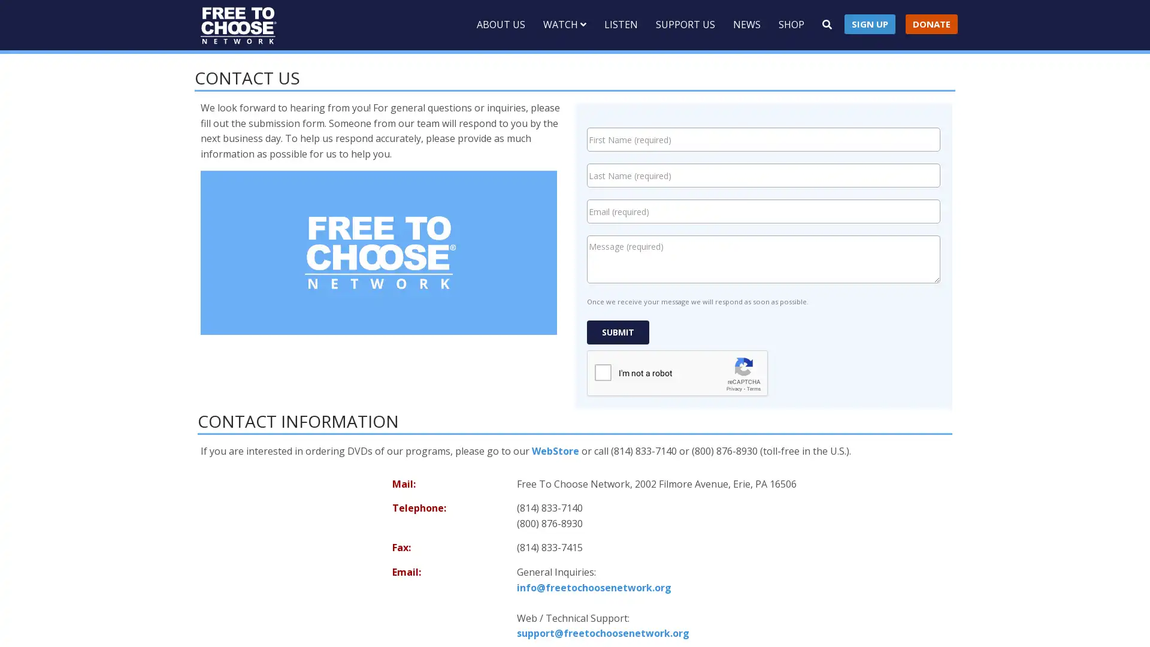  What do you see at coordinates (618, 332) in the screenshot?
I see `Submit` at bounding box center [618, 332].